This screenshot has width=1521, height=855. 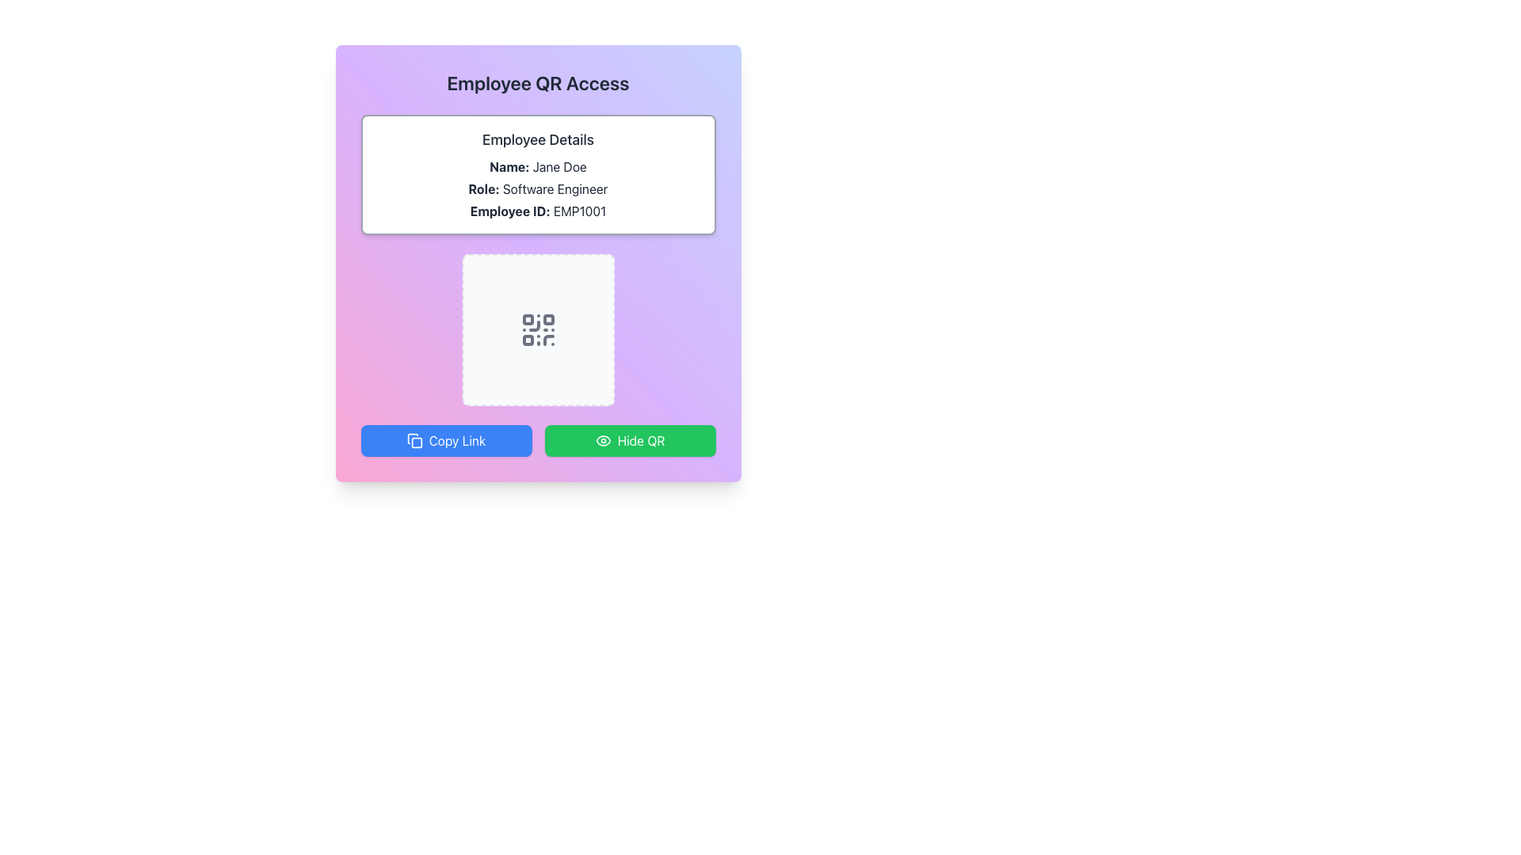 I want to click on the QR code display area, which is centrally located between the 'Employee Details' description box above and the 'Copy Link' and 'Hide QR' buttons below, so click(x=538, y=329).